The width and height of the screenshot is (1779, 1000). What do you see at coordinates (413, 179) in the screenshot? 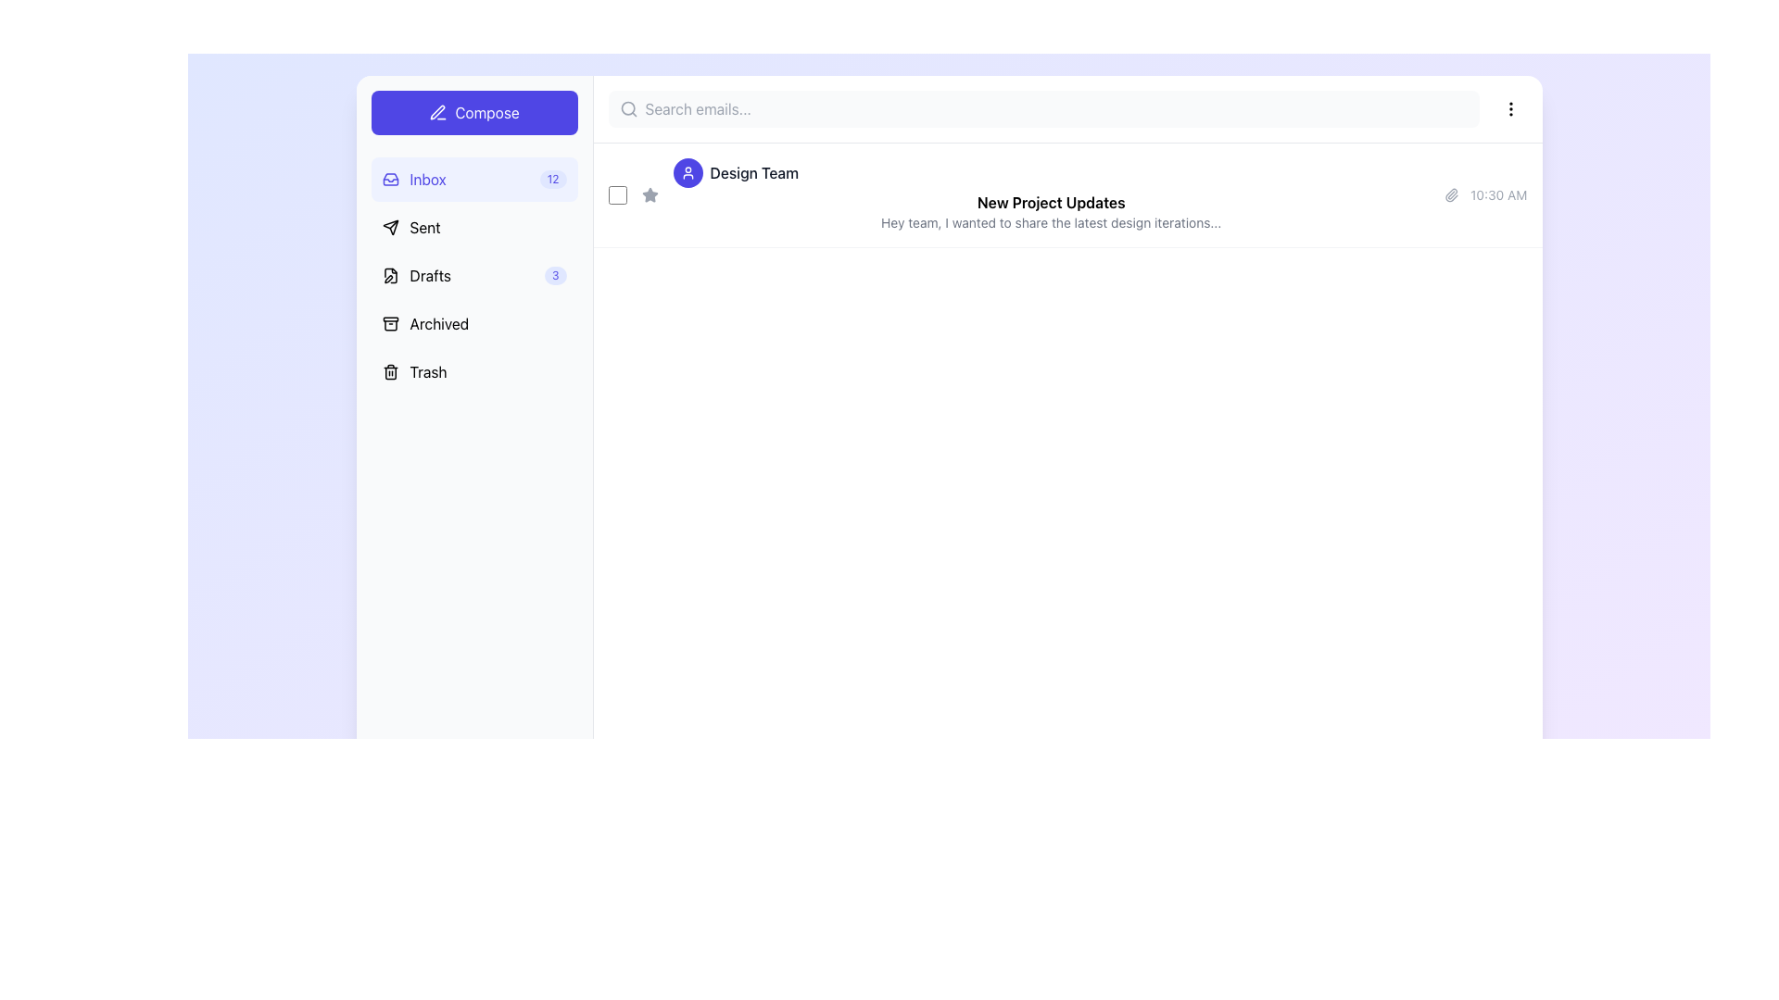
I see `the 'Inbox' text label in the left sidebar navigation menu, which indicates the section for received emails` at bounding box center [413, 179].